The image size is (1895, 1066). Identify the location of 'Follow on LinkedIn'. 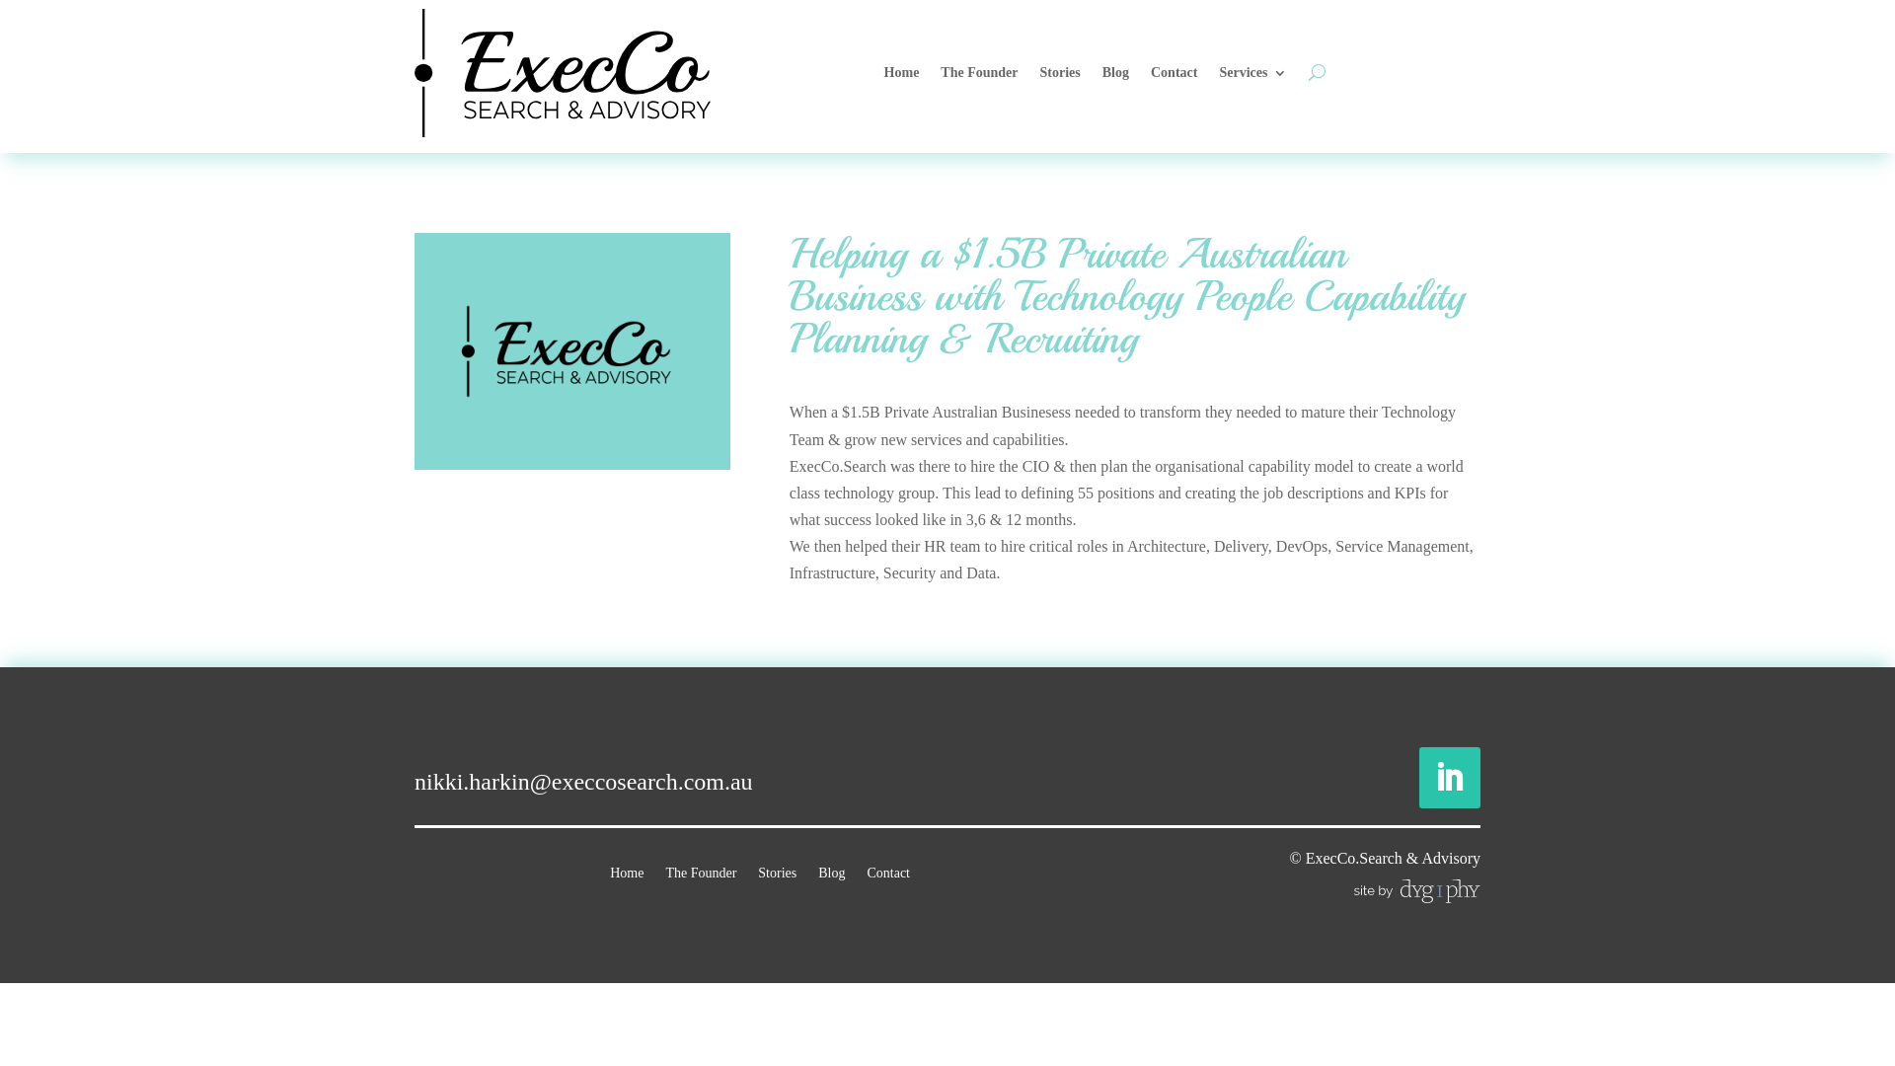
(1418, 776).